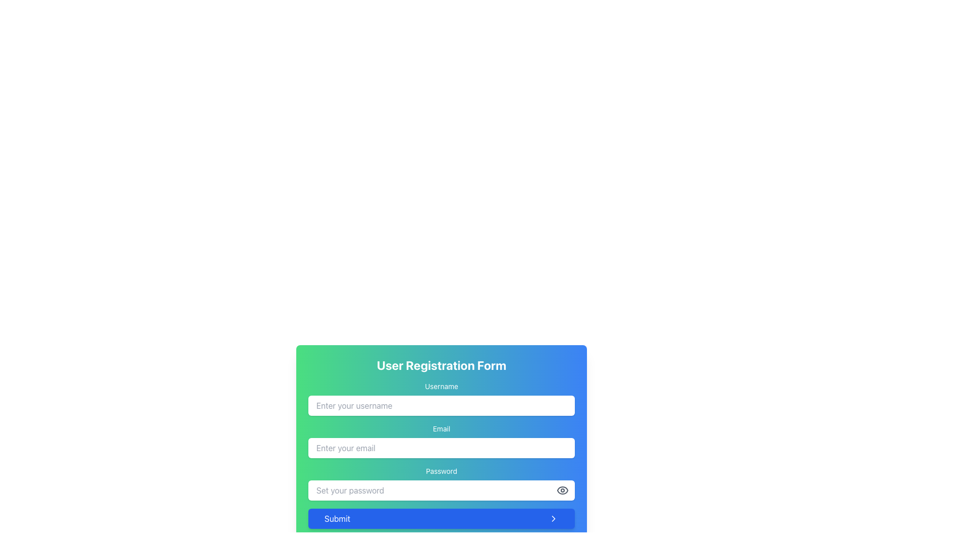  Describe the element at coordinates (441, 471) in the screenshot. I see `the password label that provides guidance for the password input field, located above the password input area` at that location.